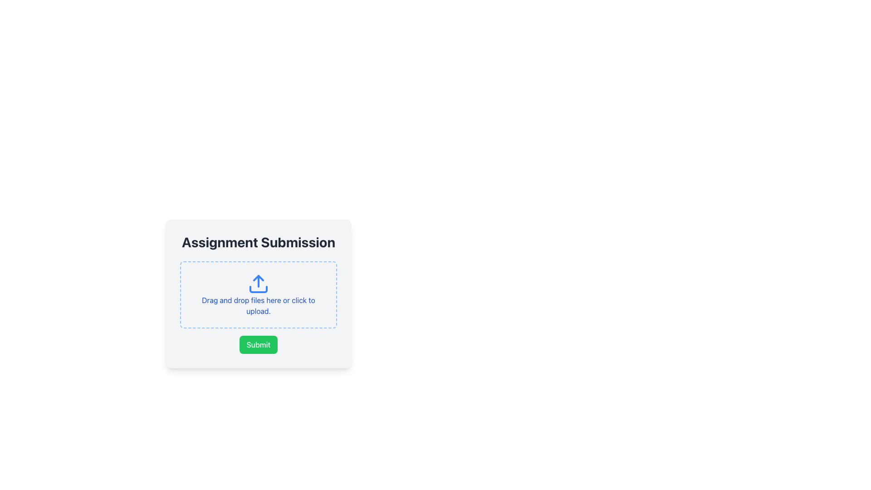 The image size is (871, 490). What do you see at coordinates (258, 278) in the screenshot?
I see `the polygonal shape of the upload icon, which is positioned at the top-center above the vertical line component` at bounding box center [258, 278].